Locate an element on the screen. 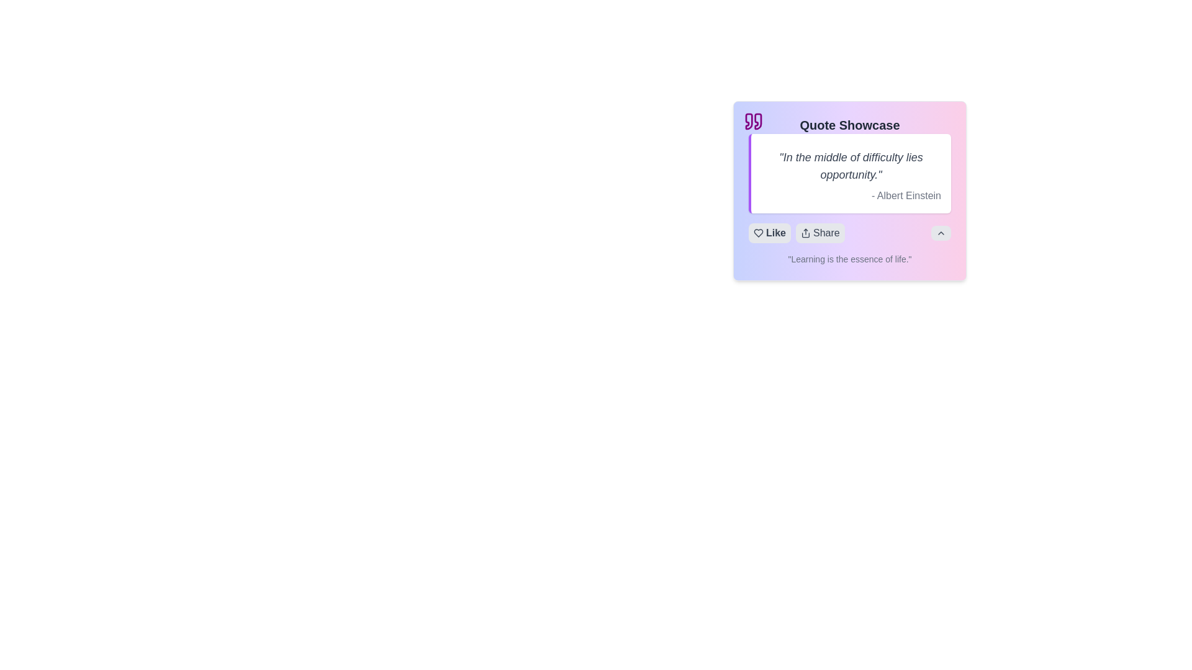 This screenshot has width=1192, height=670. the left quotation mark decorative SVG element located in the top-left corner of the card that frames the quoted text is located at coordinates (748, 122).